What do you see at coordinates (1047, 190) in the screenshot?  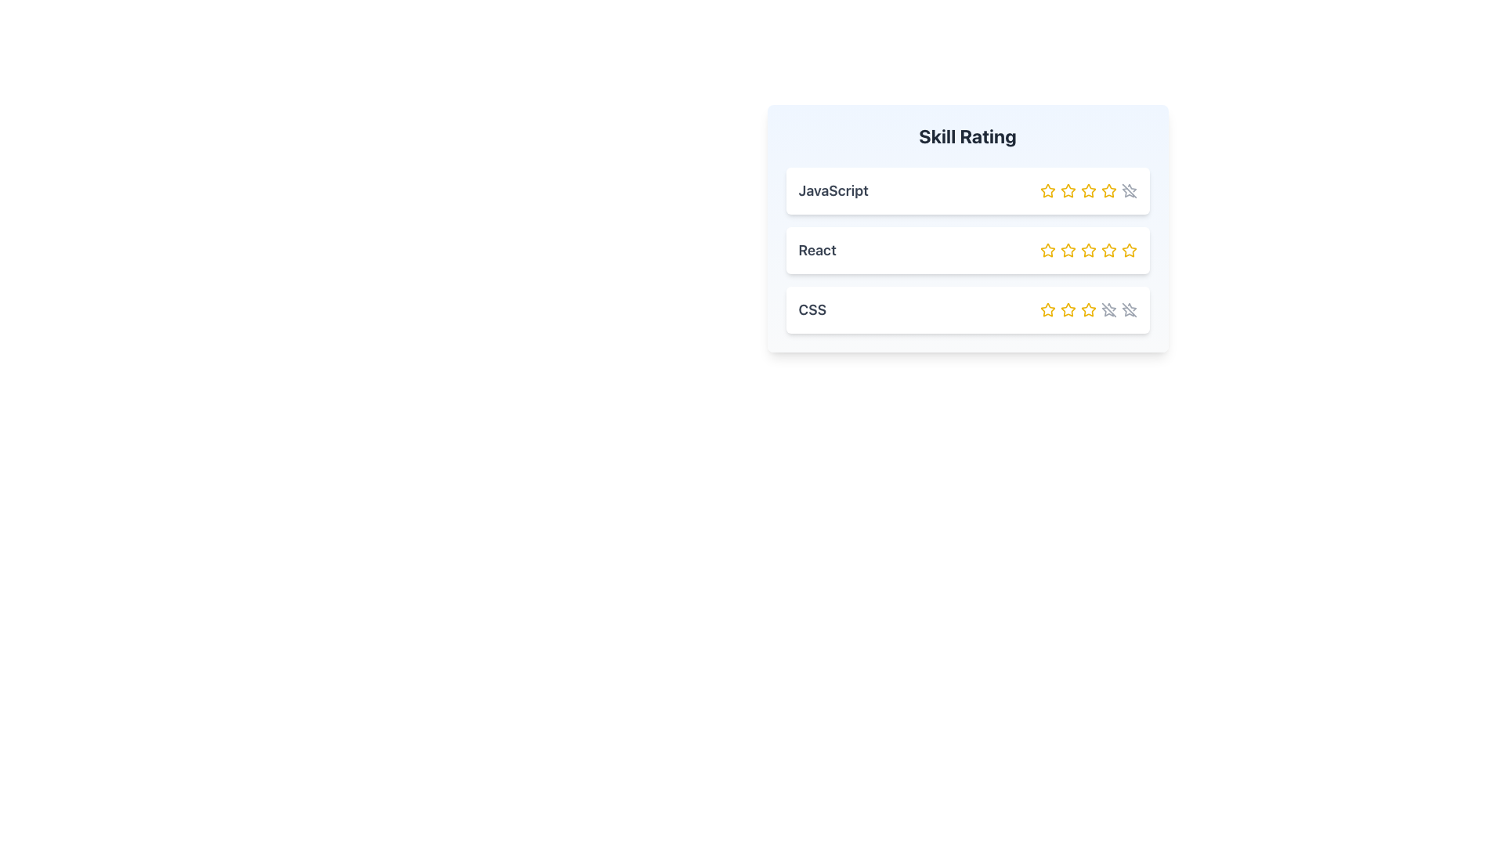 I see `the first star in the JavaScript skill rating section` at bounding box center [1047, 190].